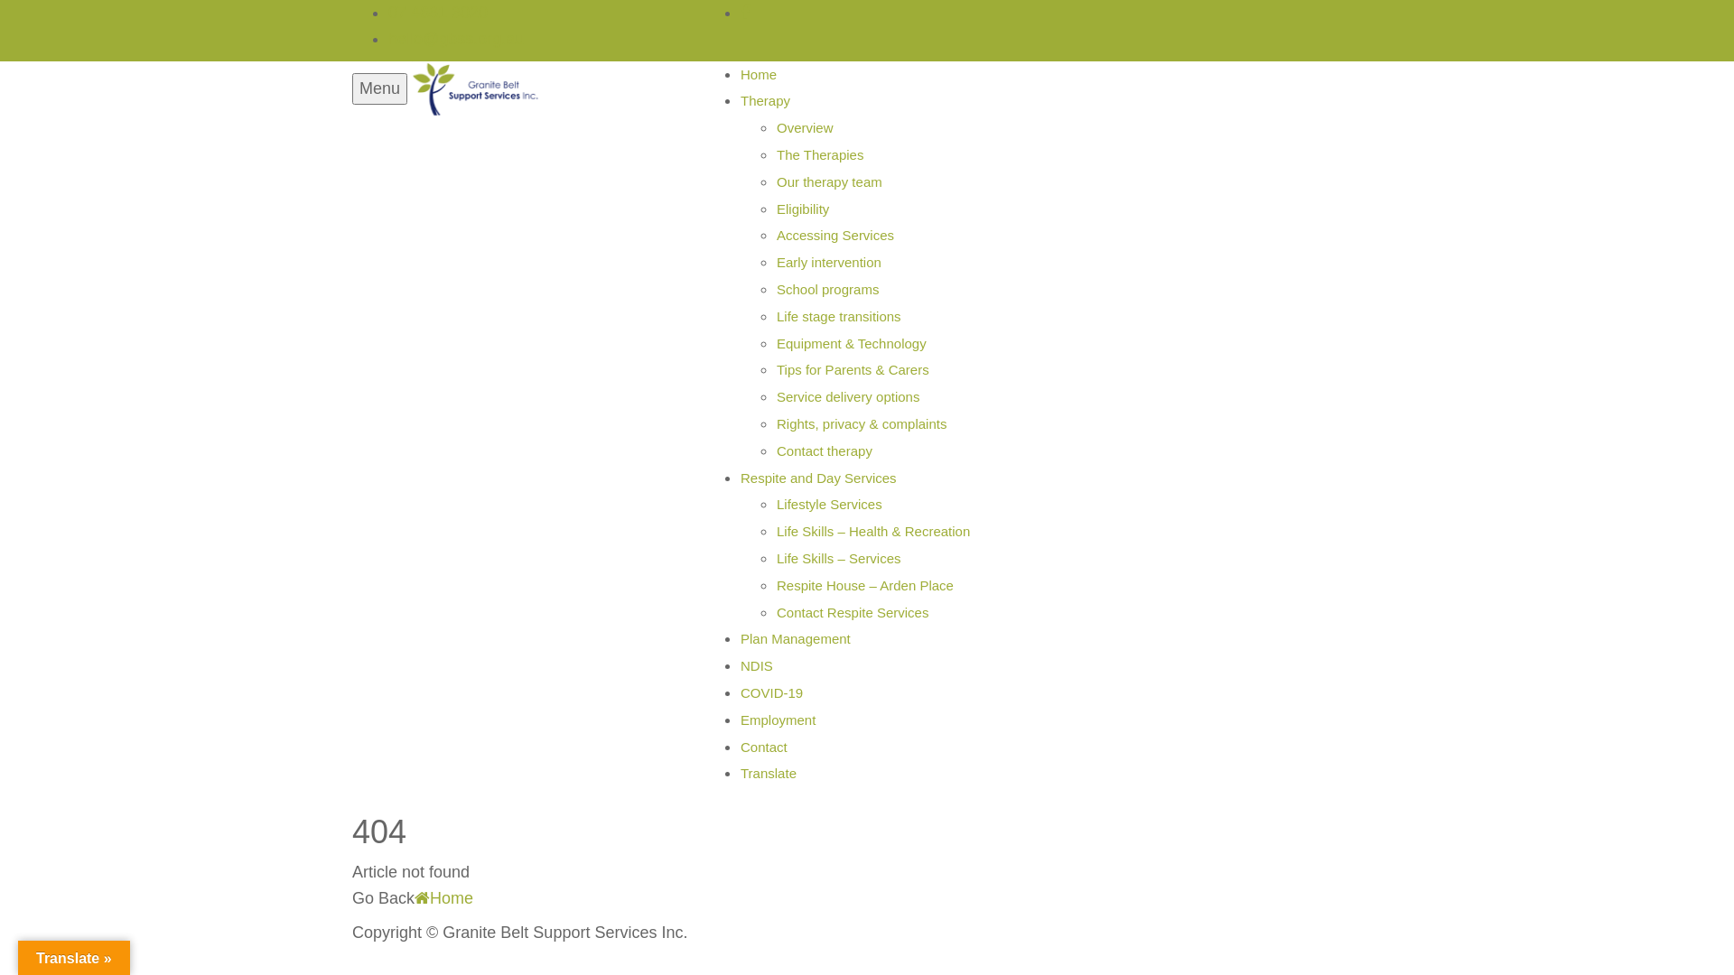  Describe the element at coordinates (826, 288) in the screenshot. I see `'School programs'` at that location.